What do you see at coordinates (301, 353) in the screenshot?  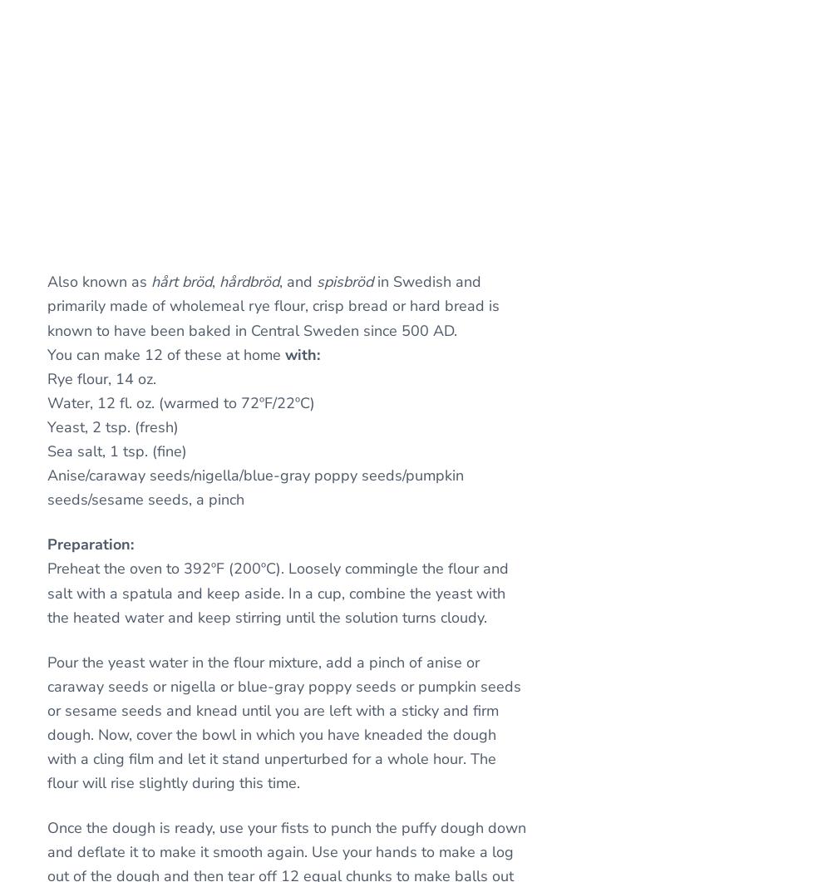 I see `'with:'` at bounding box center [301, 353].